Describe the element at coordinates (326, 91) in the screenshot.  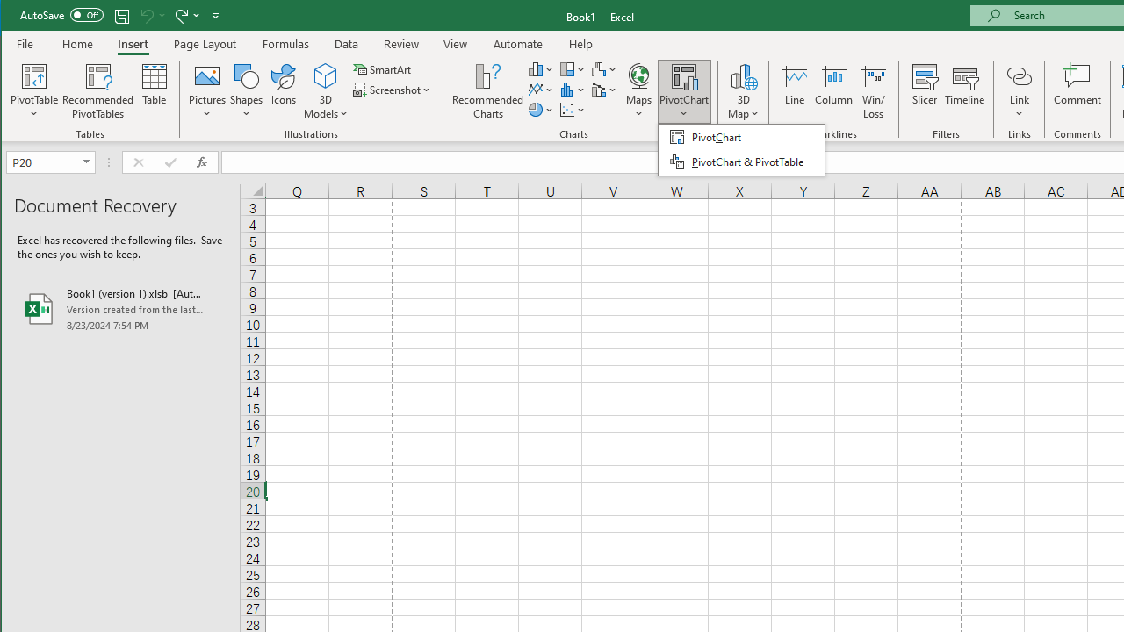
I see `'3D Models'` at that location.